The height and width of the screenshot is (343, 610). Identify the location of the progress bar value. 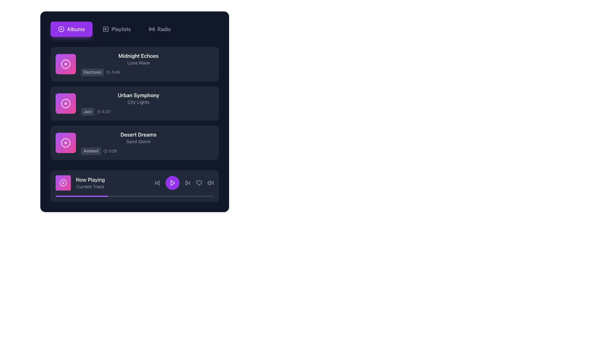
(100, 196).